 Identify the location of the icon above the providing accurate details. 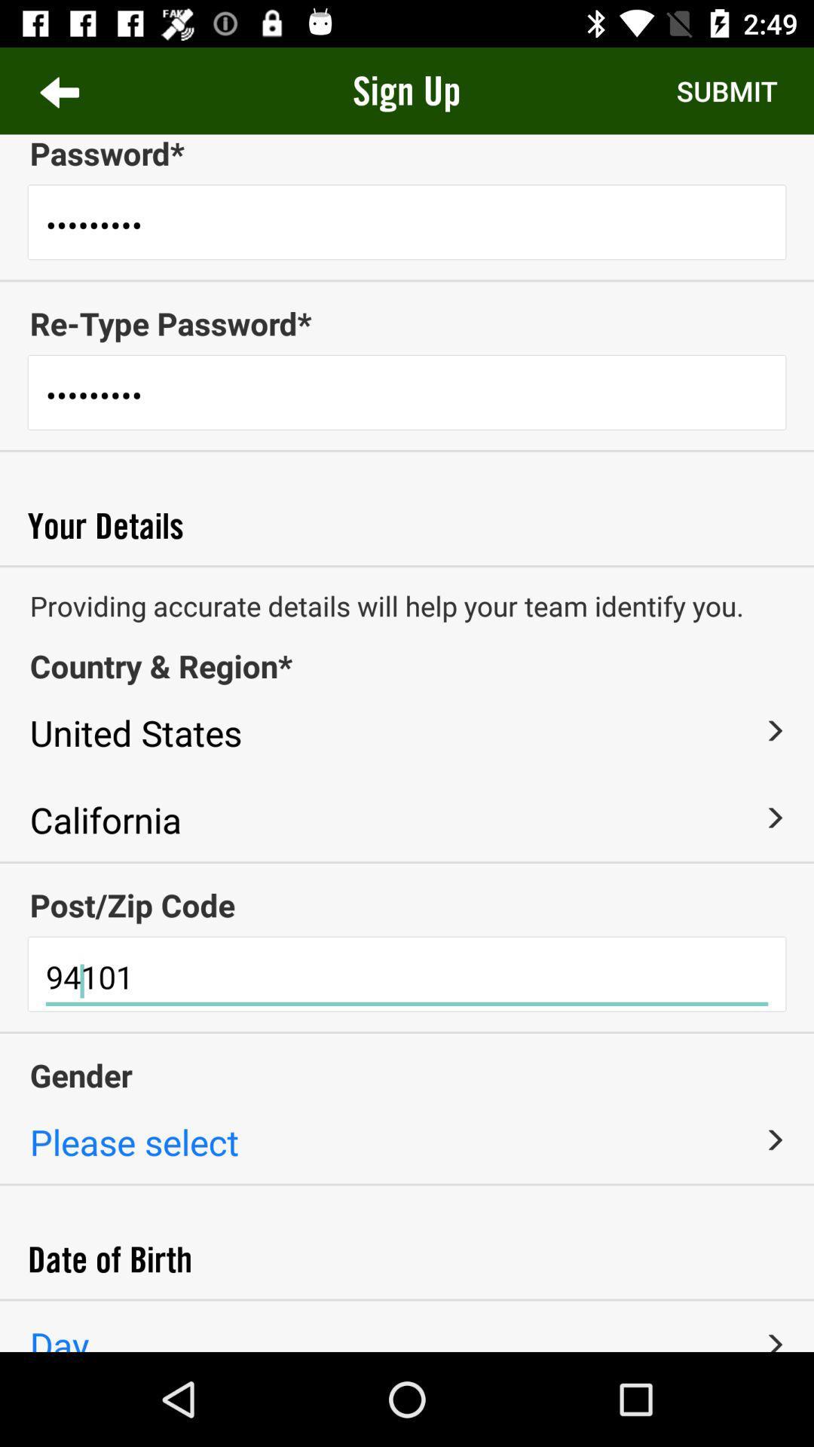
(407, 565).